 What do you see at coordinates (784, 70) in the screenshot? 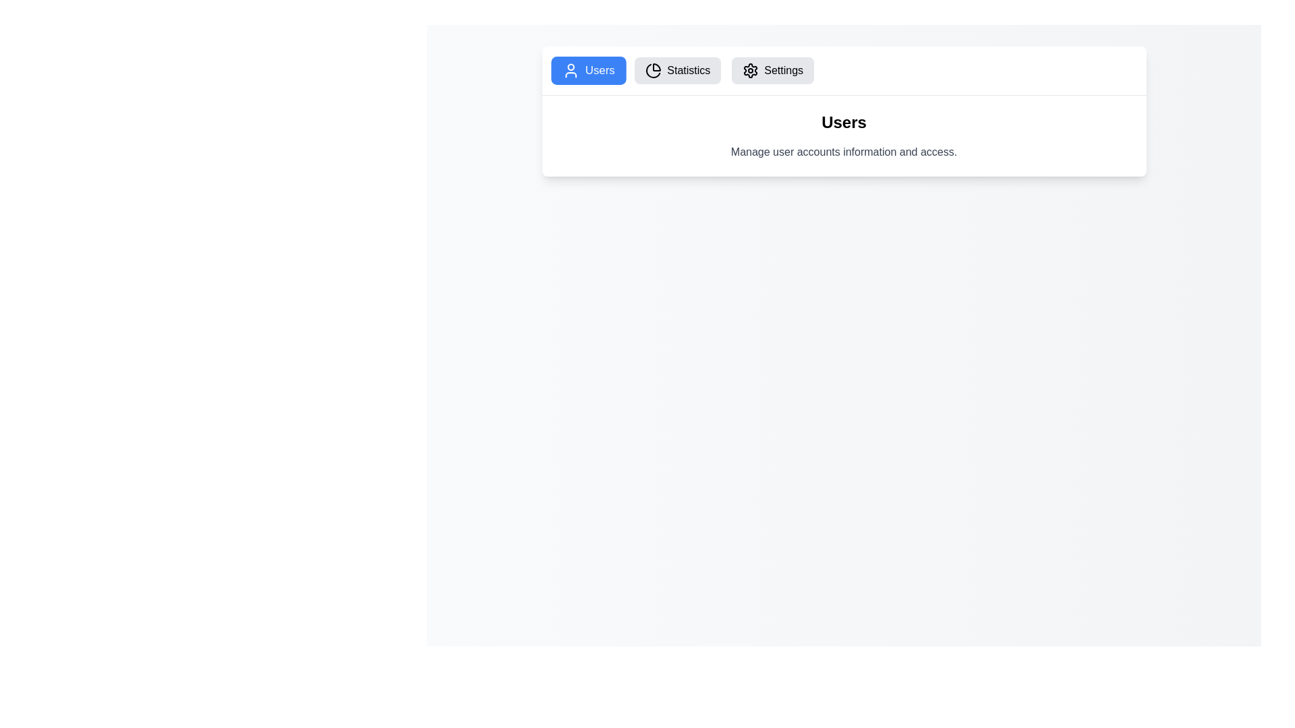
I see `the 'Settings' text label in the navigation menu` at bounding box center [784, 70].